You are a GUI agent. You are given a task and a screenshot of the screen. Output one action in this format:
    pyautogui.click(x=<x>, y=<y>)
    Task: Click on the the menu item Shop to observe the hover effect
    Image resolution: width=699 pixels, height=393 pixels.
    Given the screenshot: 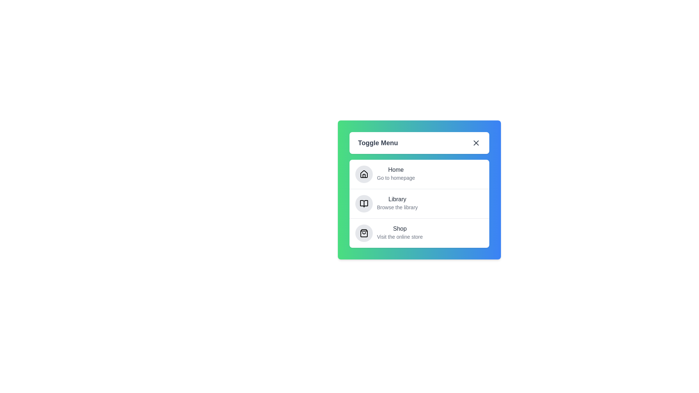 What is the action you would take?
    pyautogui.click(x=400, y=229)
    